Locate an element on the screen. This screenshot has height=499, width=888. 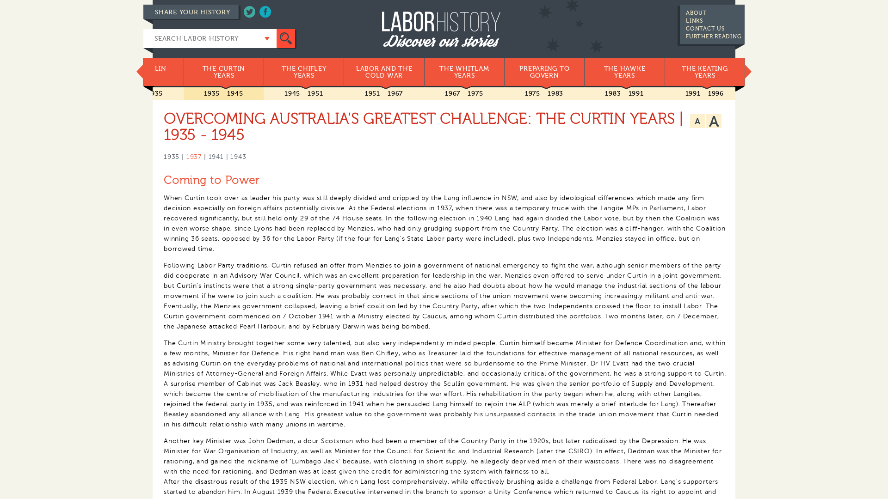
'THE HAWKE YEARS' is located at coordinates (624, 72).